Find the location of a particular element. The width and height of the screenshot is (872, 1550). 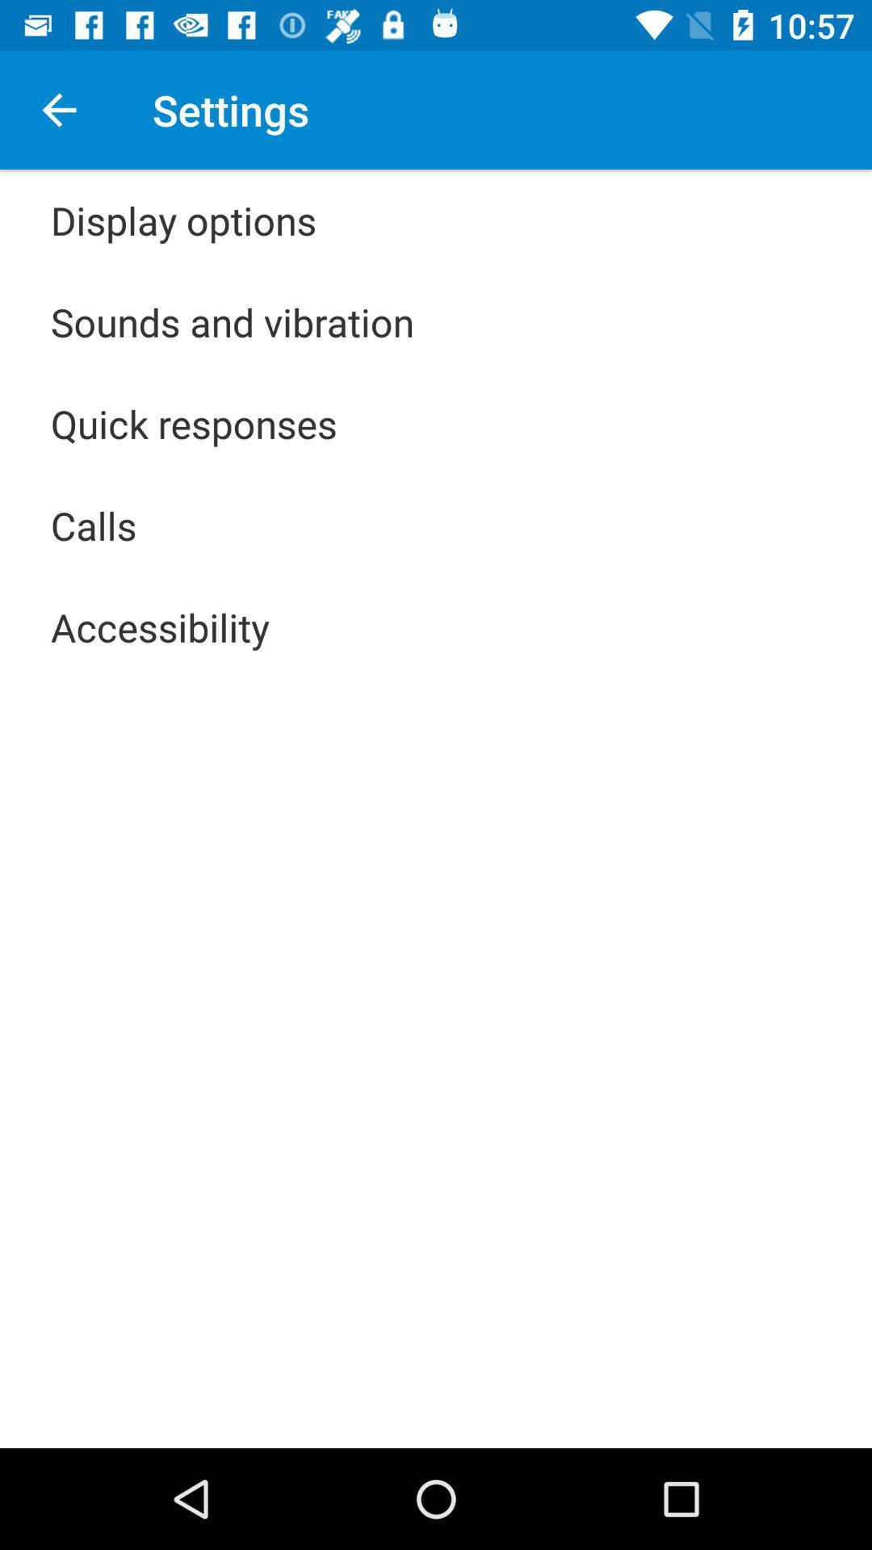

the calls icon is located at coordinates (94, 526).